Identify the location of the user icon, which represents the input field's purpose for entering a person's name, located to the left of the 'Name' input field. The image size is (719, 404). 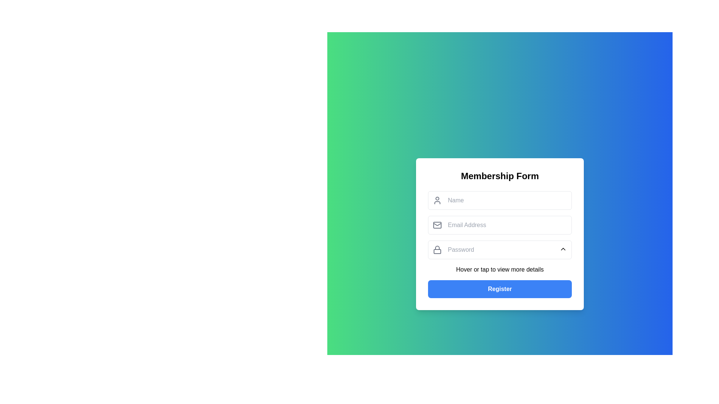
(437, 200).